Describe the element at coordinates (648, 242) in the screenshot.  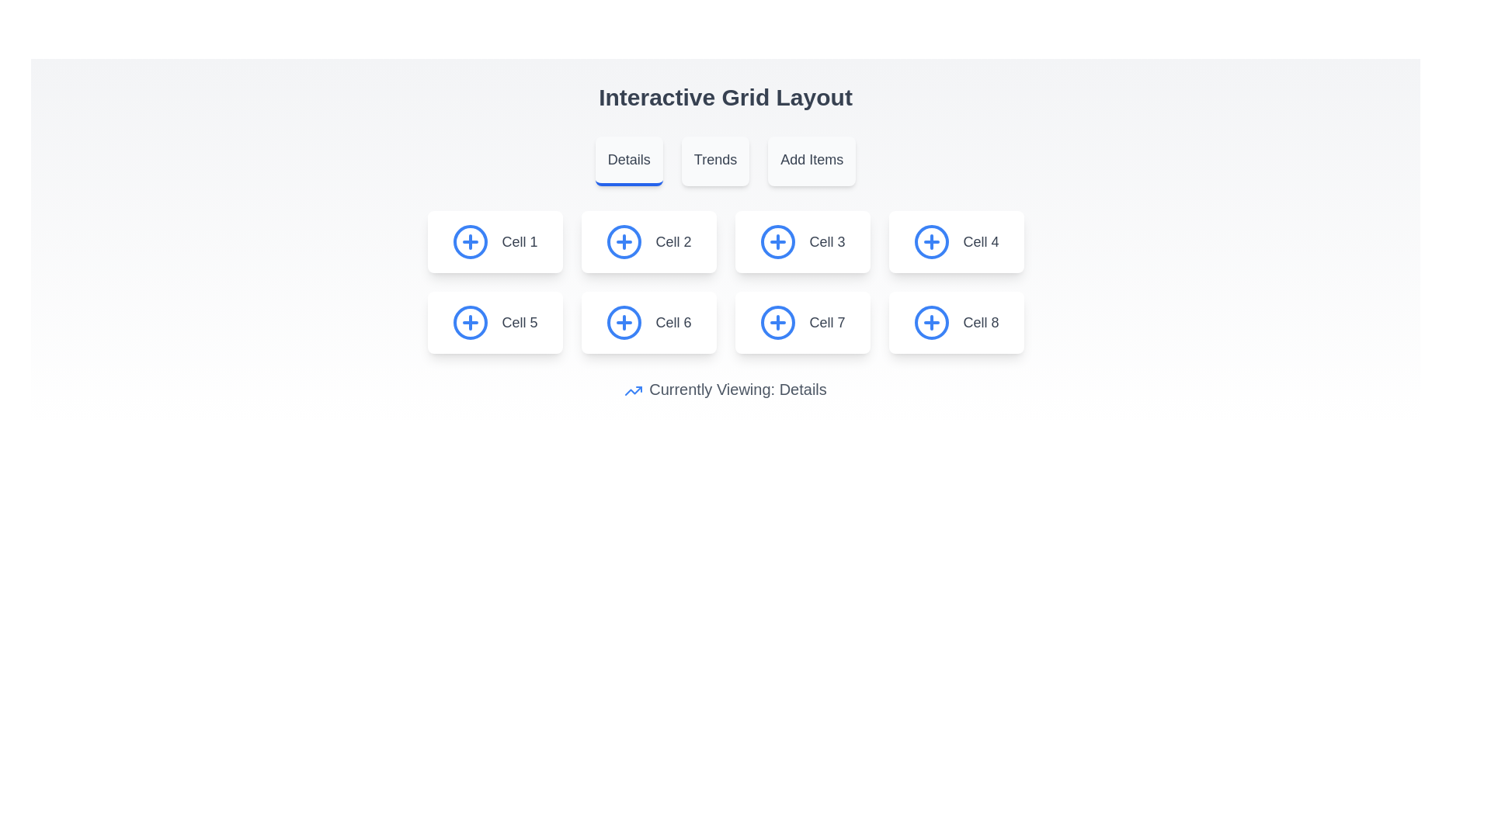
I see `the rectangular card labeled 'Cell 2' that features a blue circular plus sign icon on its left and is located in the second column of the first row of a 2x4 grid layout` at that location.